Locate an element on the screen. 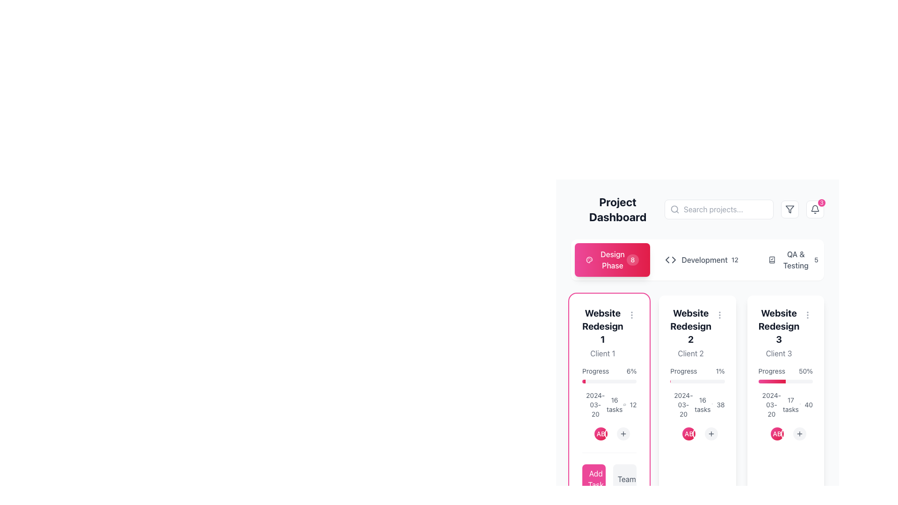 The height and width of the screenshot is (505, 898). the filter button located in the top-right corner of the interface, which has a white background, light gray border, and a filter-shaped icon is located at coordinates (789, 209).